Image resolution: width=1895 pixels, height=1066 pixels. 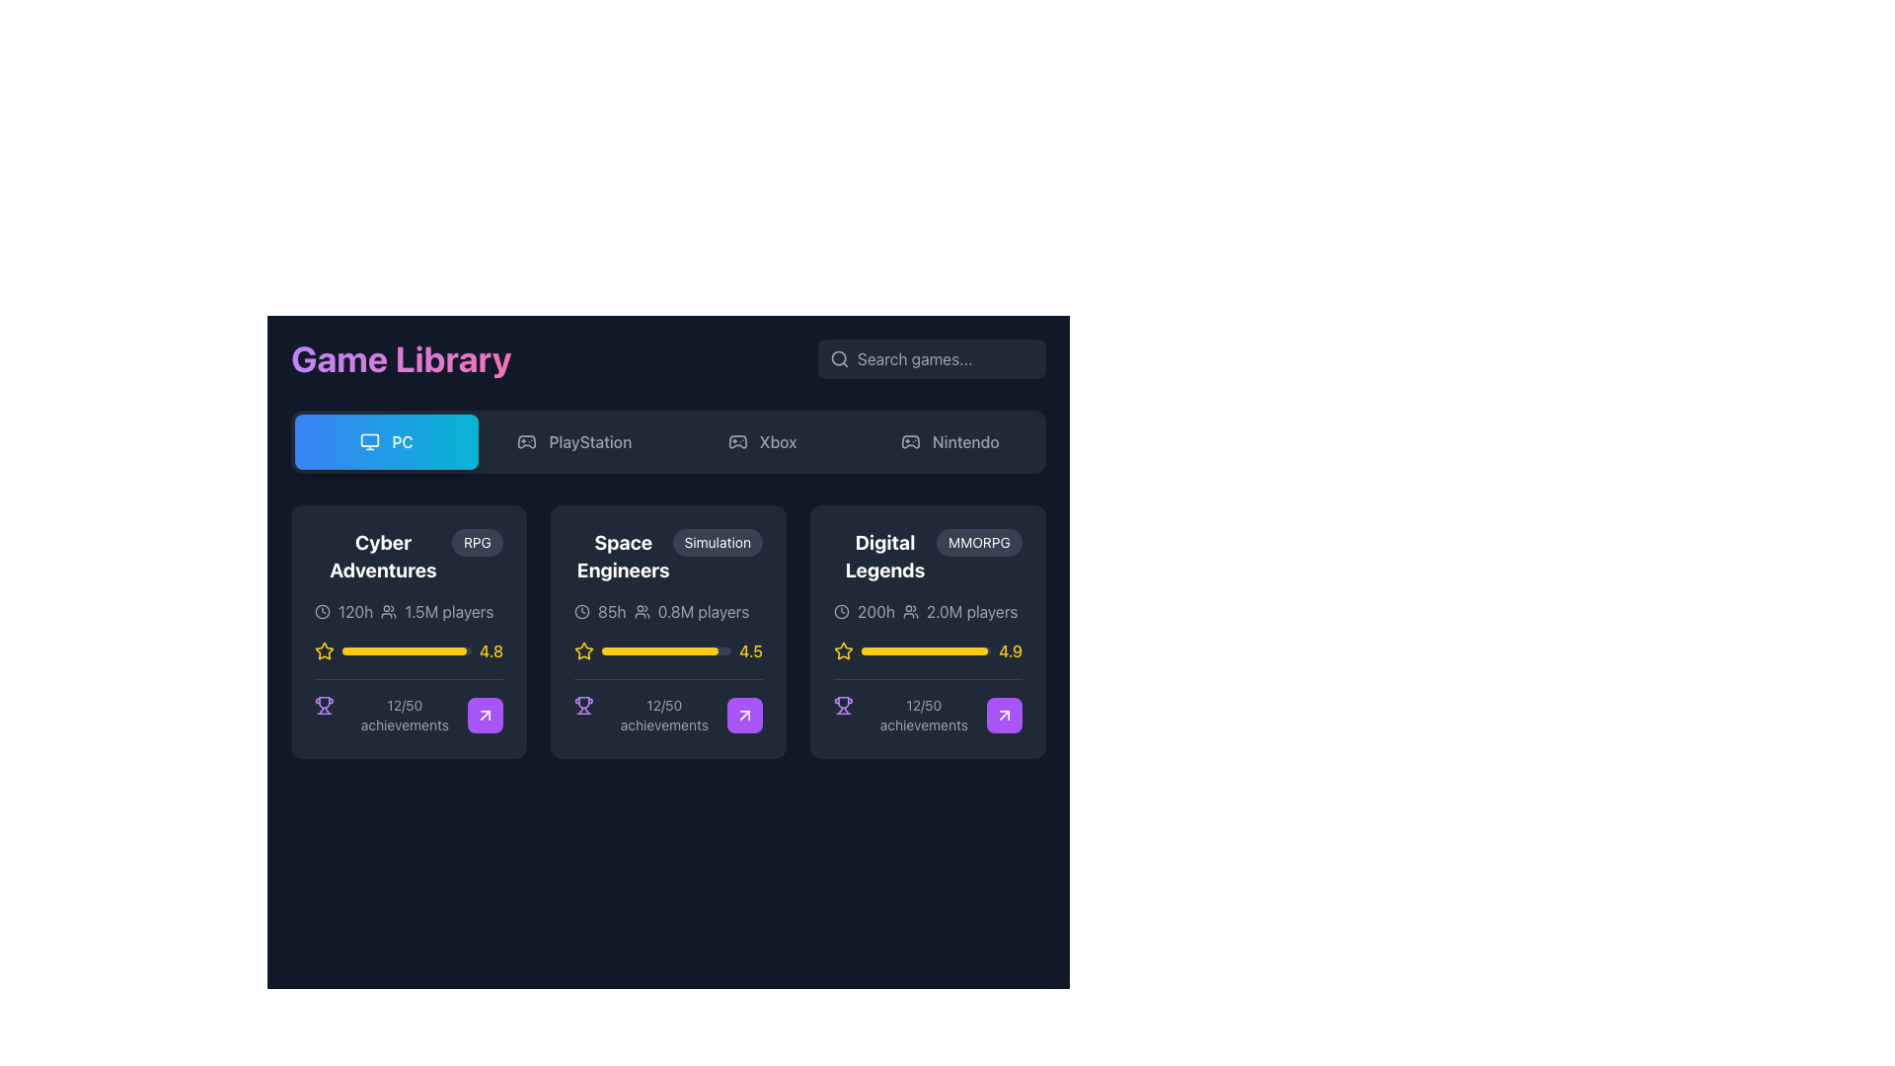 I want to click on the text element displaying '85h' in light gray color, which is located to the left of player information in the 'Space Engineers' card in the 'Game Library' section, so click(x=611, y=611).